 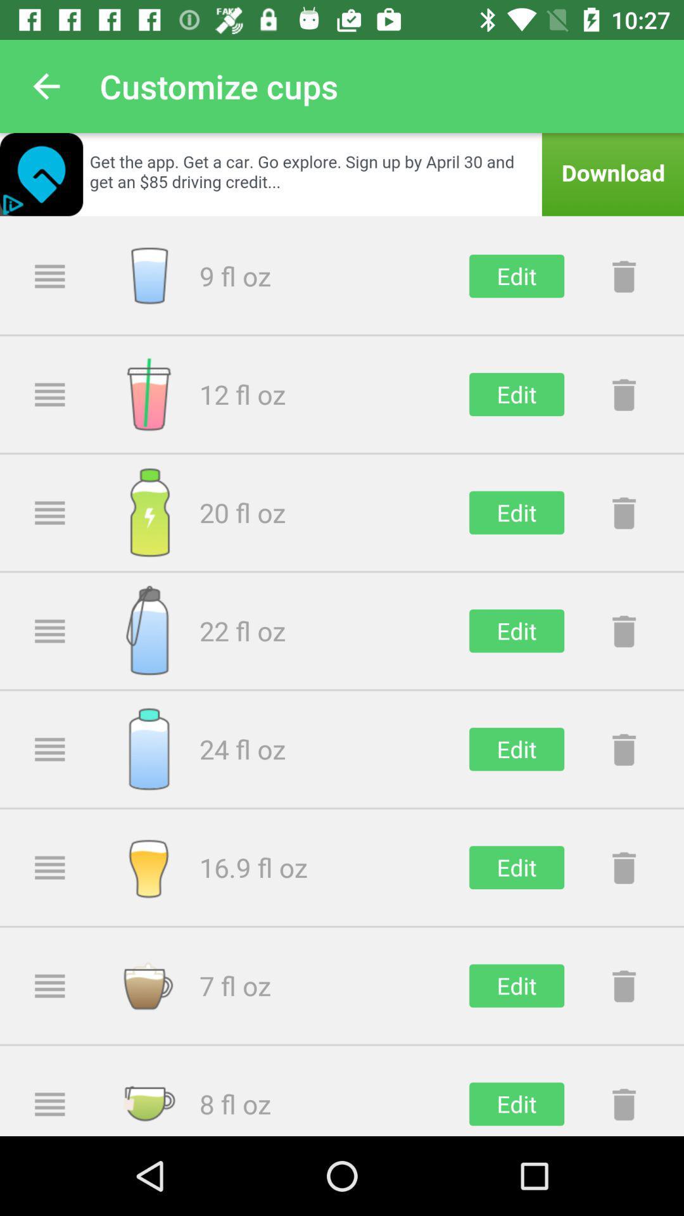 I want to click on delete item button, so click(x=623, y=866).